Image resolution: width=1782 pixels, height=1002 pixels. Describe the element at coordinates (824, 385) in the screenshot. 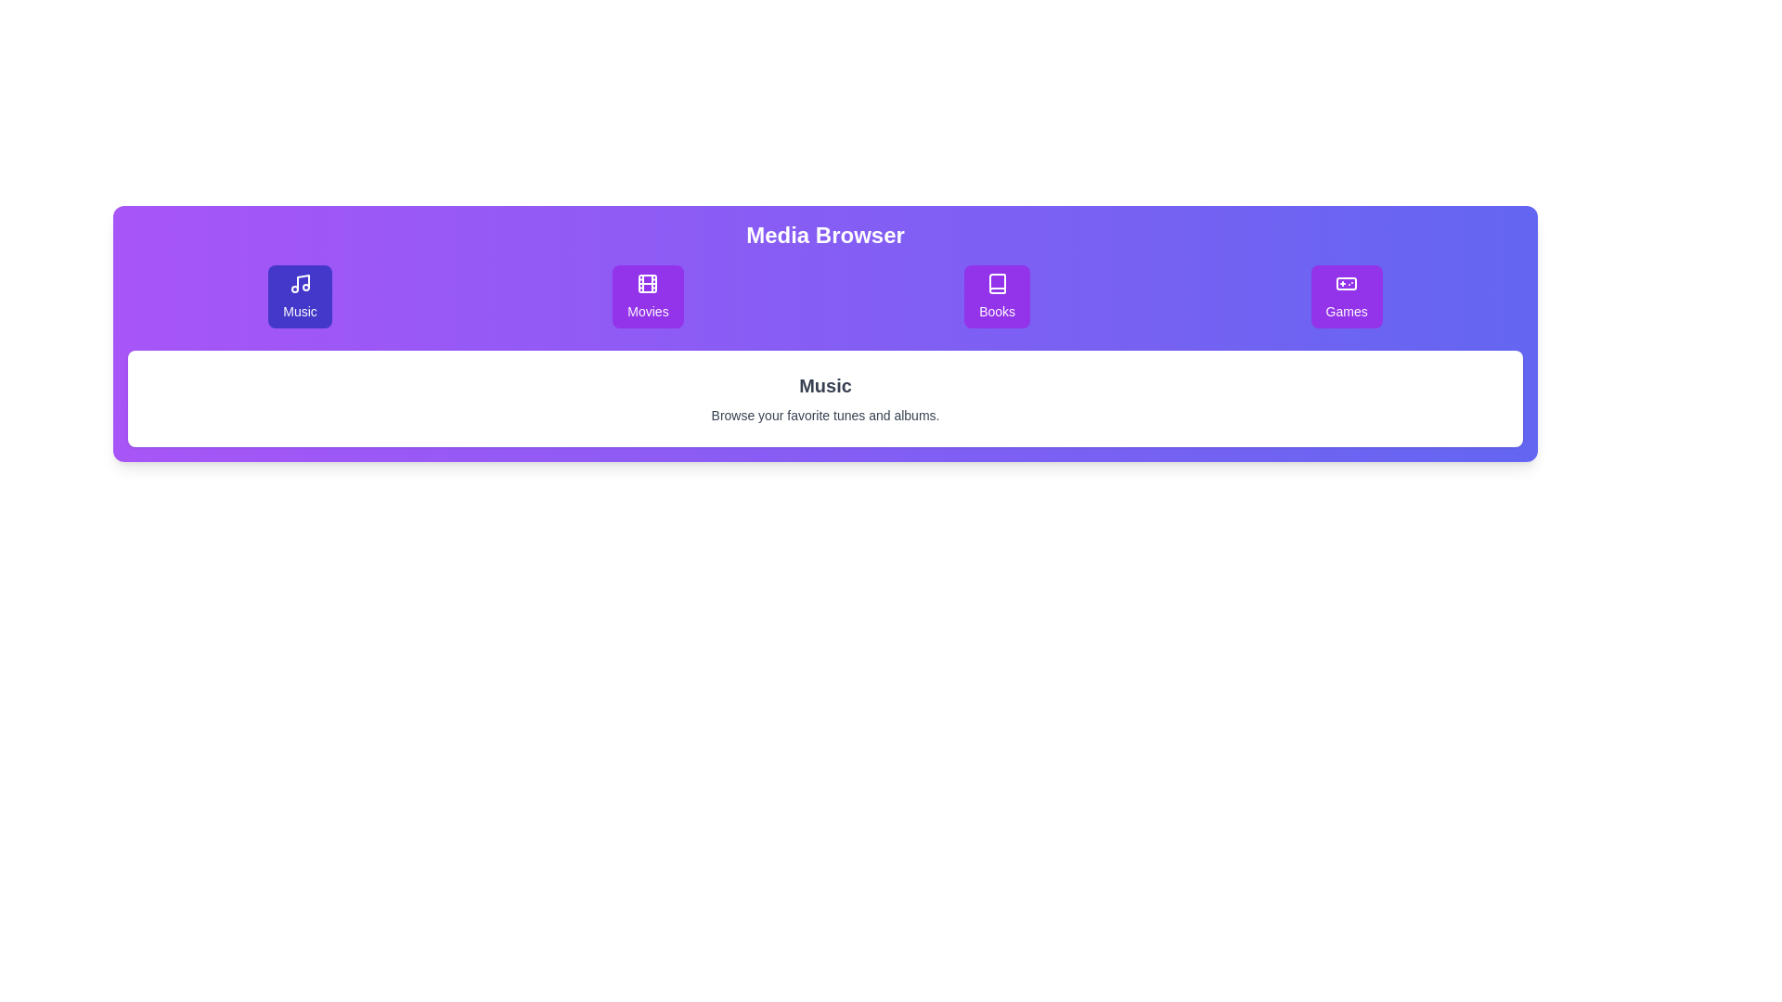

I see `text label indicating the category 'Music', which is located at the center of the white card below the 'Media Browser' header` at that location.